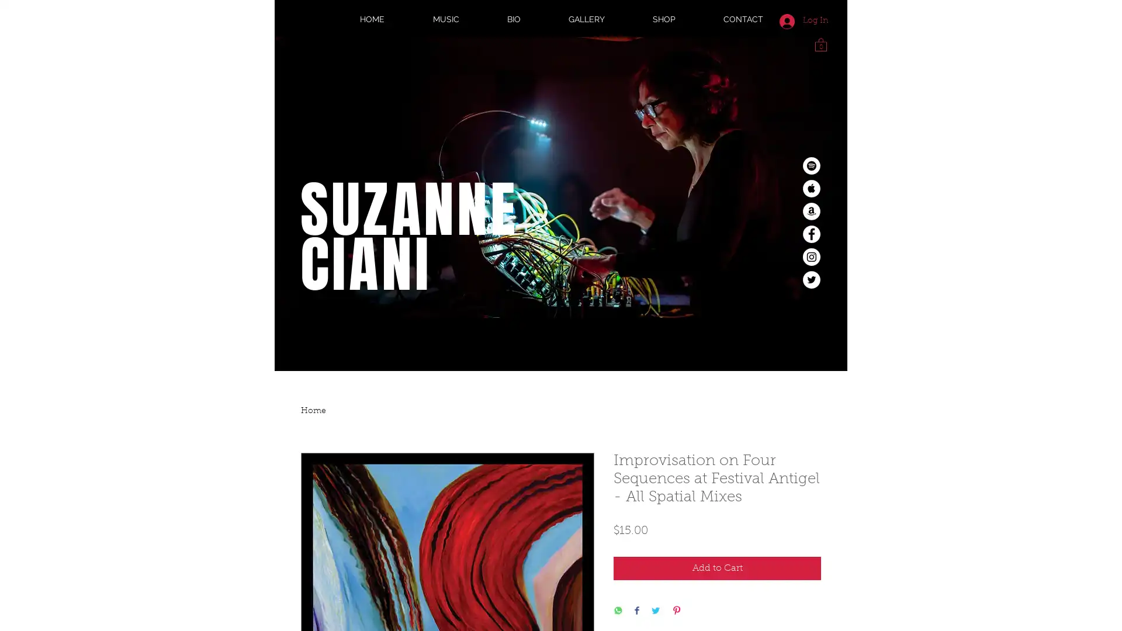 Image resolution: width=1122 pixels, height=631 pixels. I want to click on Log In, so click(803, 20).